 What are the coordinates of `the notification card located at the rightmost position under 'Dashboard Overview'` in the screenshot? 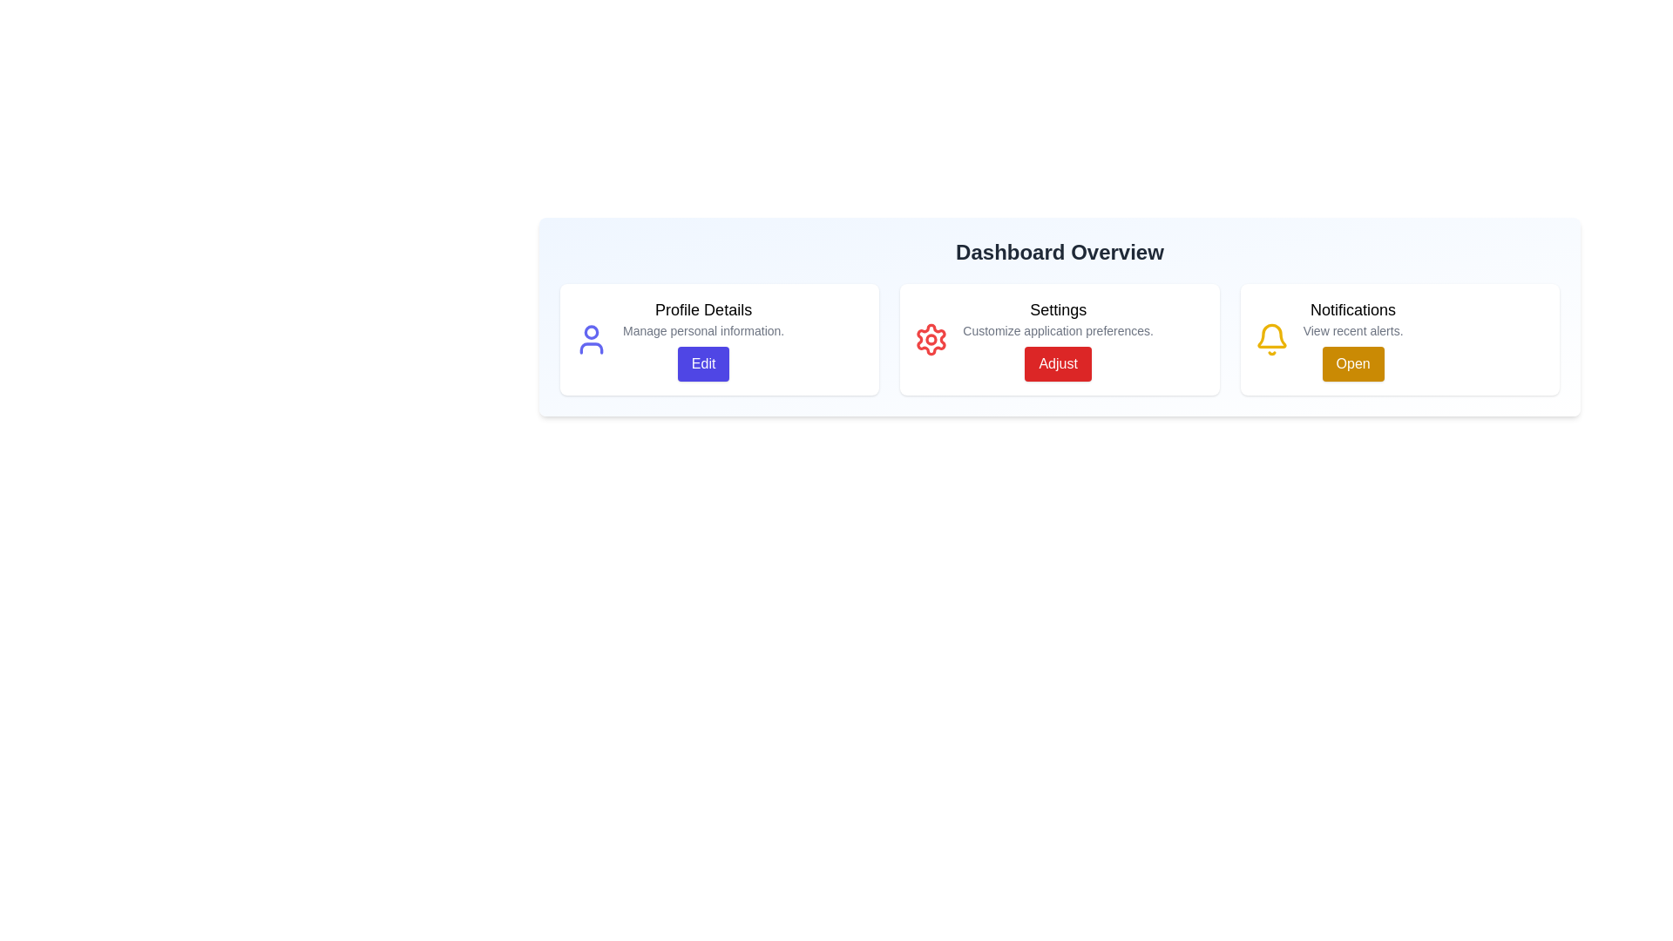 It's located at (1399, 339).